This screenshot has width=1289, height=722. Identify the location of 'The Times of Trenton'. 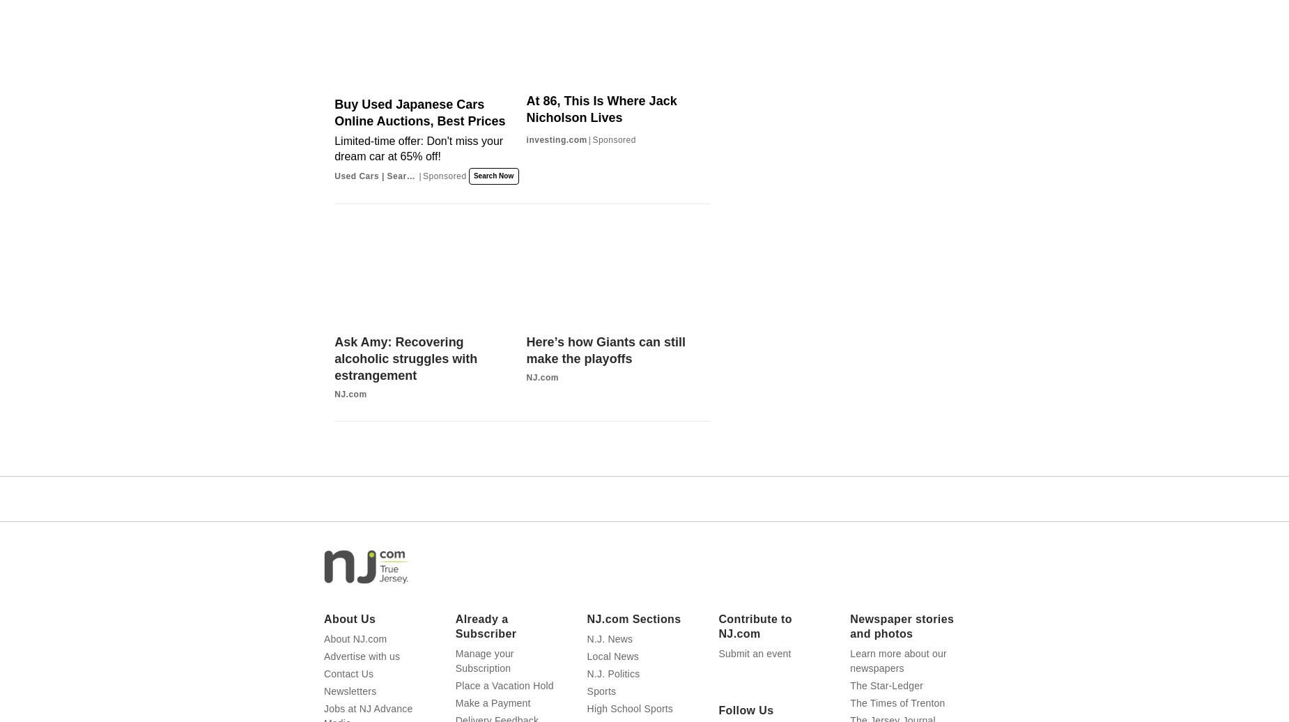
(896, 702).